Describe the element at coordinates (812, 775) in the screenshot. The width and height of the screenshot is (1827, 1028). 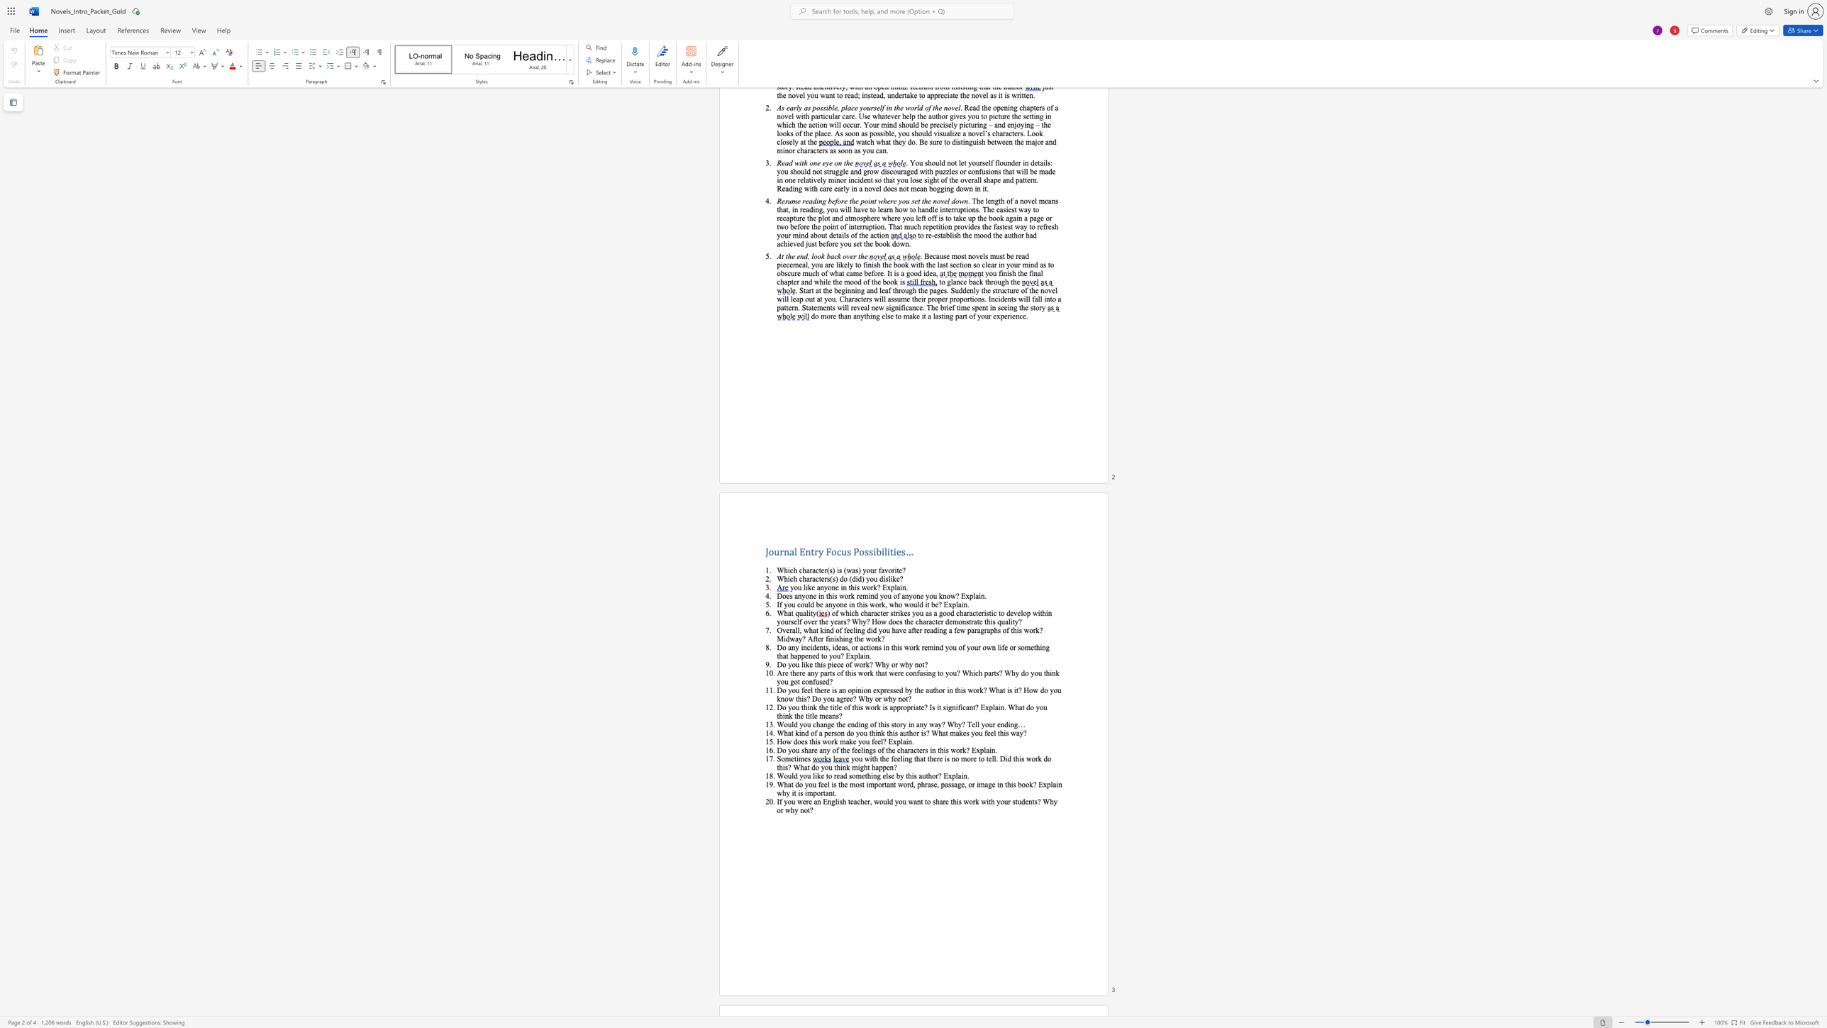
I see `the subset text "like to read something else by this" within the text "Would you like to read something else by this author? Explain."` at that location.